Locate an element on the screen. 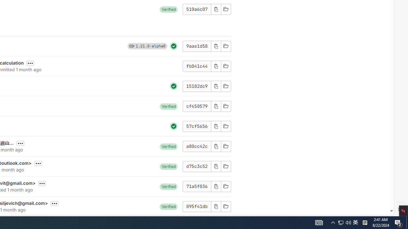  'Show desktop' is located at coordinates (407, 222).